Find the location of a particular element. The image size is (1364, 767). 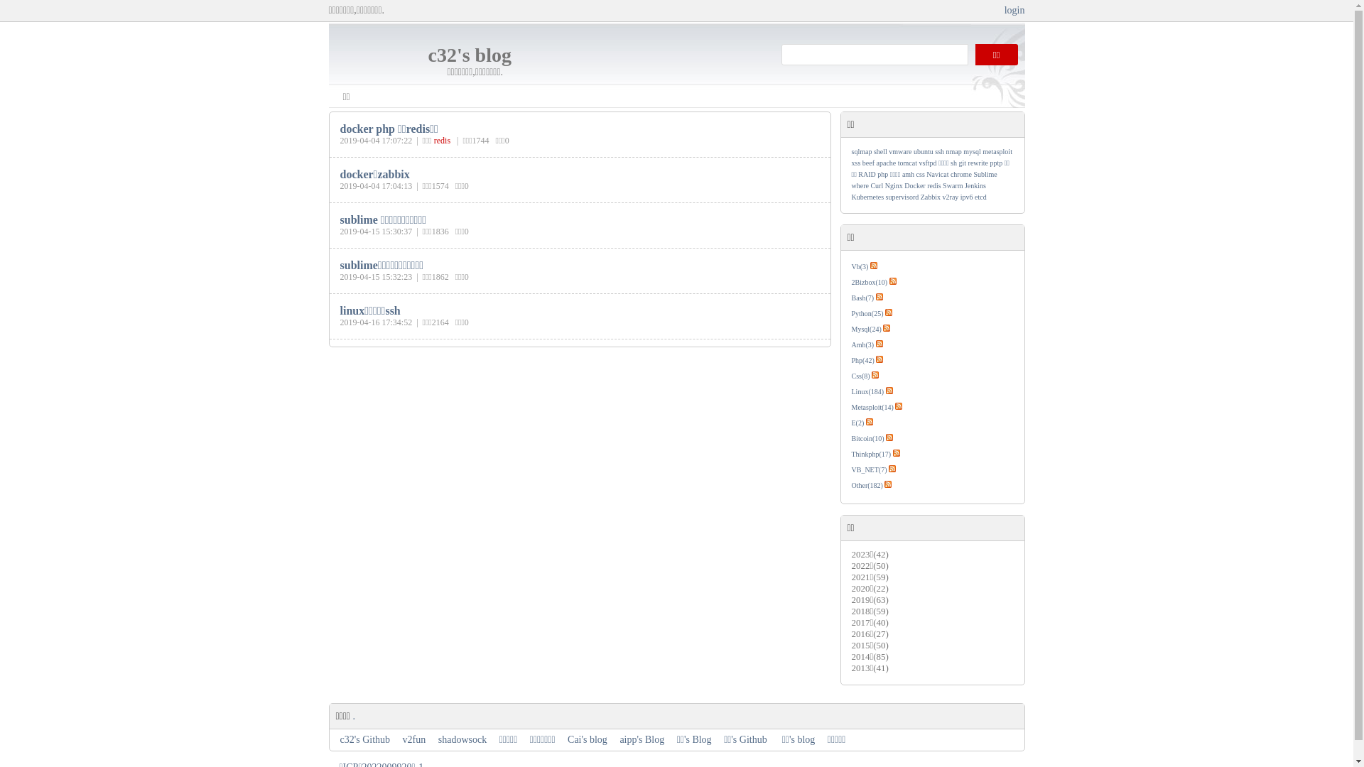

'nmap' is located at coordinates (954, 151).